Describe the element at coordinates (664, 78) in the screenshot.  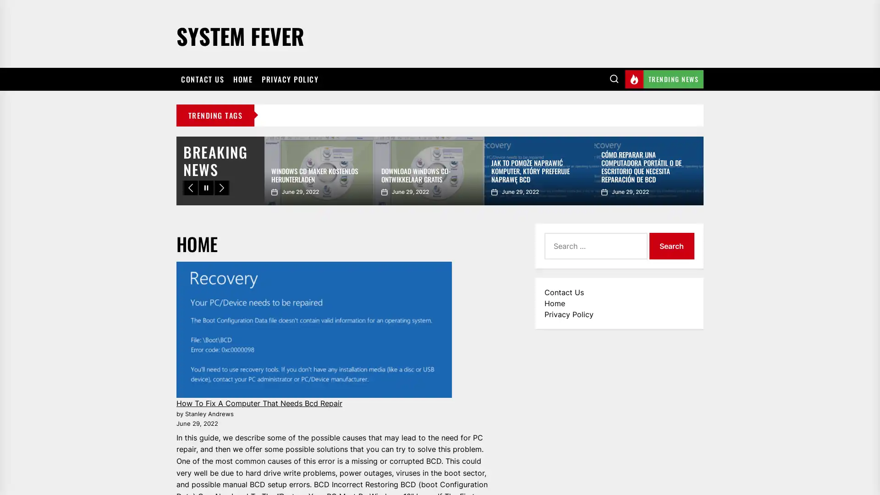
I see `TRENDING NEWS` at that location.